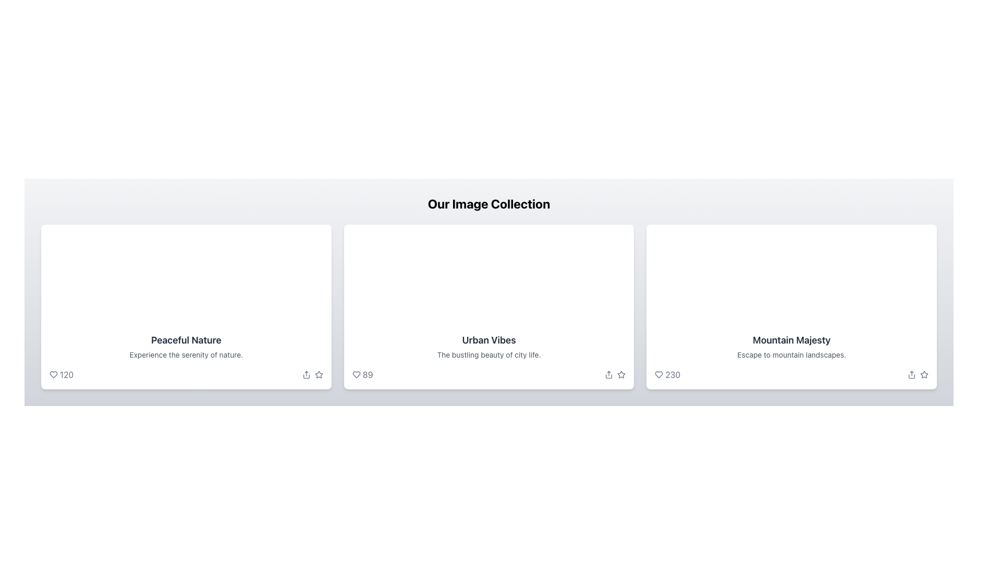  Describe the element at coordinates (306, 374) in the screenshot. I see `the share button located at the bottom-right corner of the 'Peaceful Nature' card` at that location.